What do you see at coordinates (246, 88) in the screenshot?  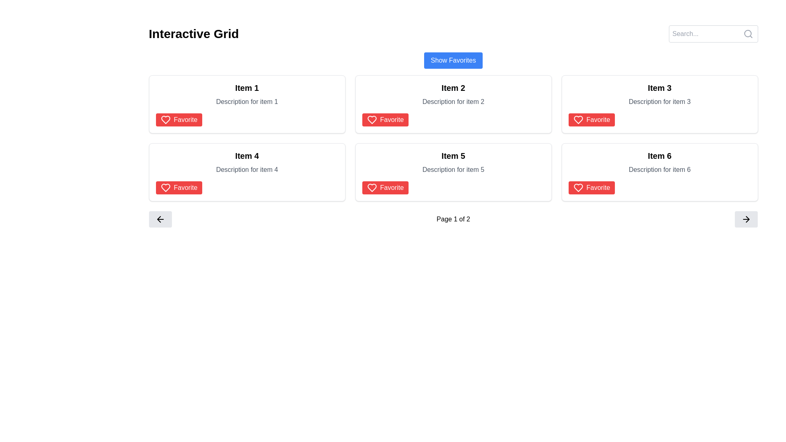 I see `the bold text label displaying 'Item 1' located at the top of the first card in the grid layout` at bounding box center [246, 88].